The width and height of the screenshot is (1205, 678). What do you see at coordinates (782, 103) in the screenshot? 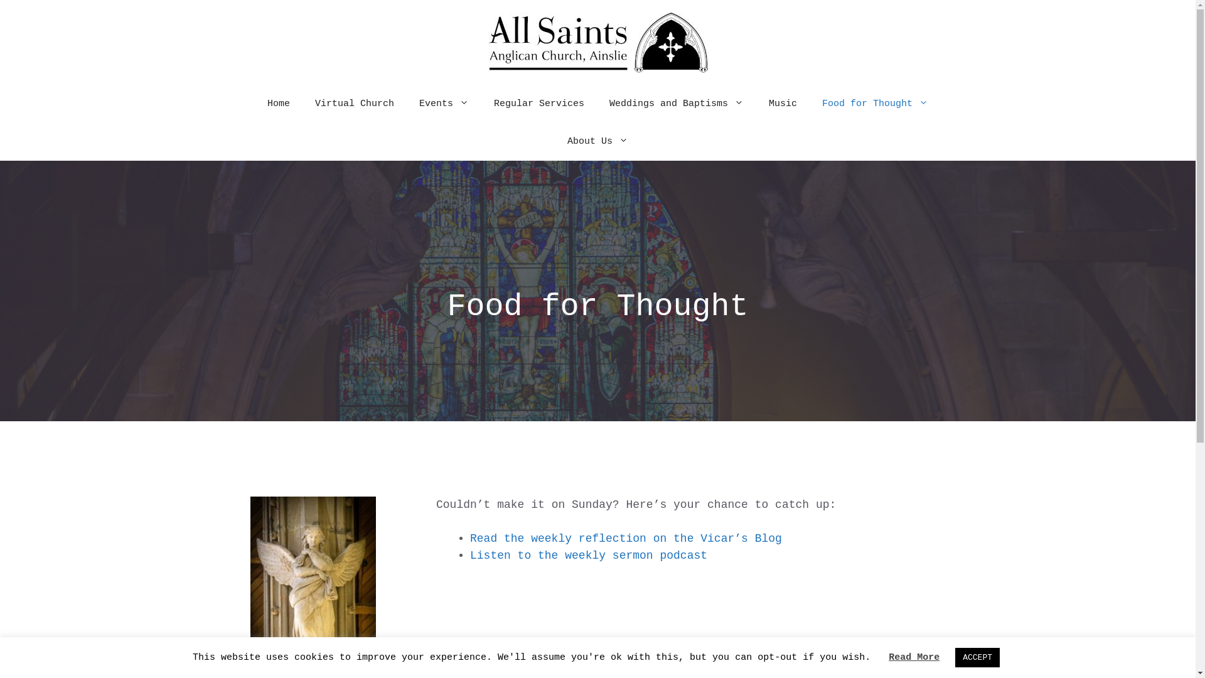
I see `'Music'` at bounding box center [782, 103].